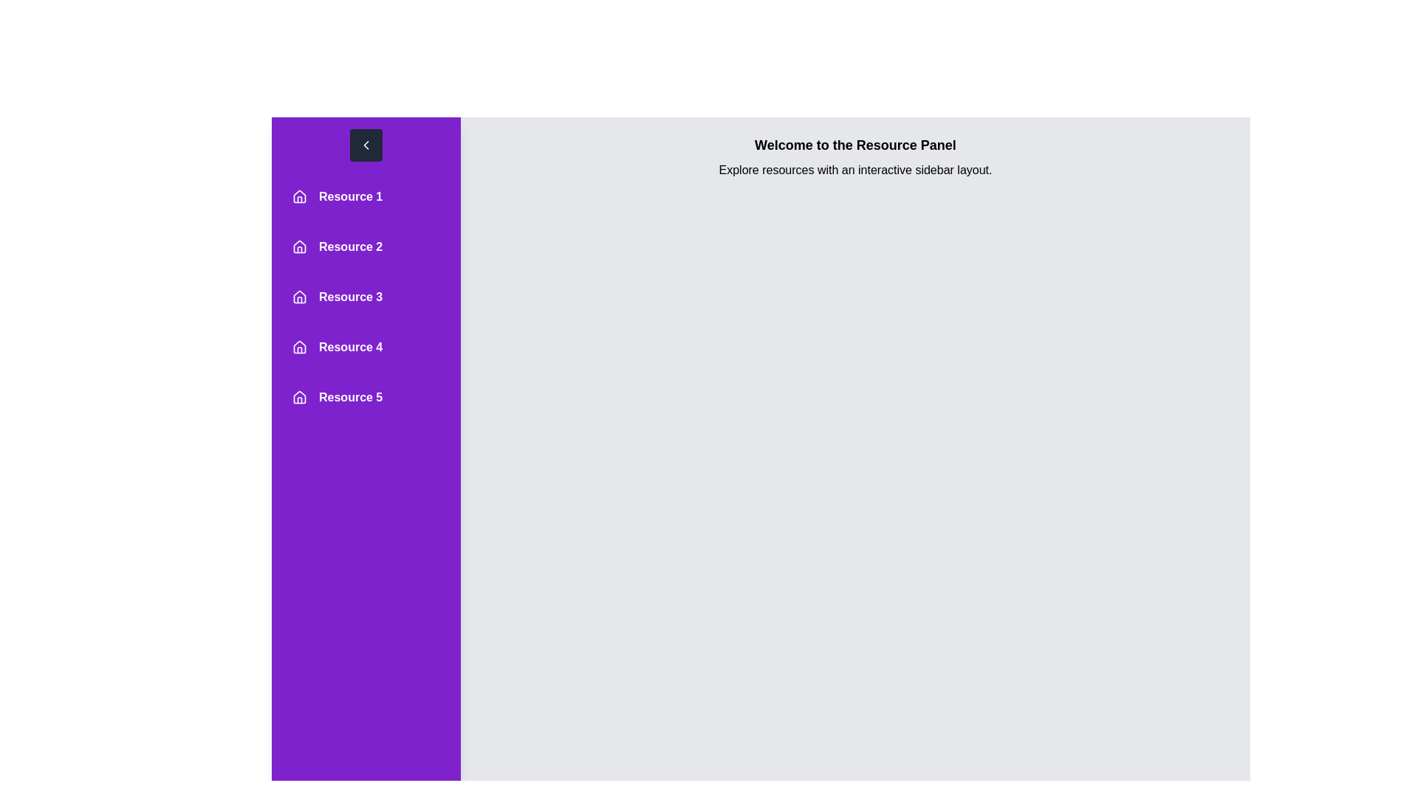  I want to click on the resource entry corresponding to Resource 1, so click(366, 196).